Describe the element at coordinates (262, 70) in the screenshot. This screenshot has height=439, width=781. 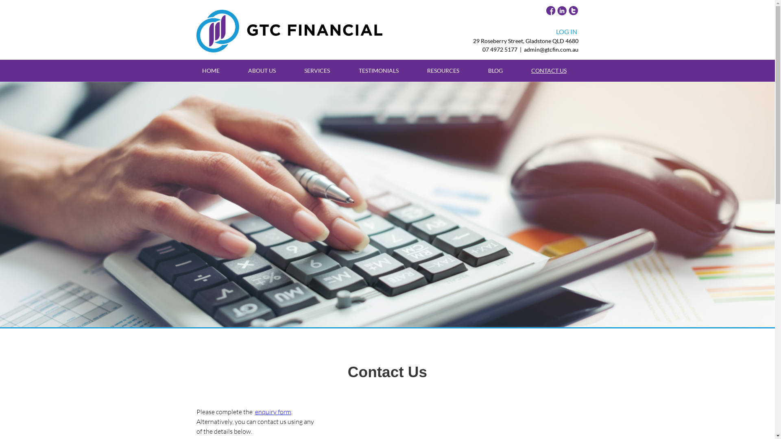
I see `'ABOUT US'` at that location.